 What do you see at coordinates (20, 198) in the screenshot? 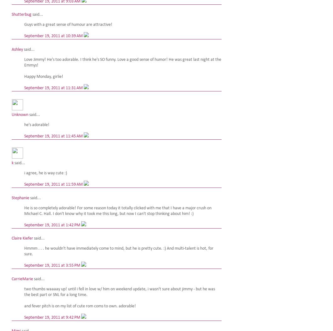
I see `'Stephanie'` at bounding box center [20, 198].